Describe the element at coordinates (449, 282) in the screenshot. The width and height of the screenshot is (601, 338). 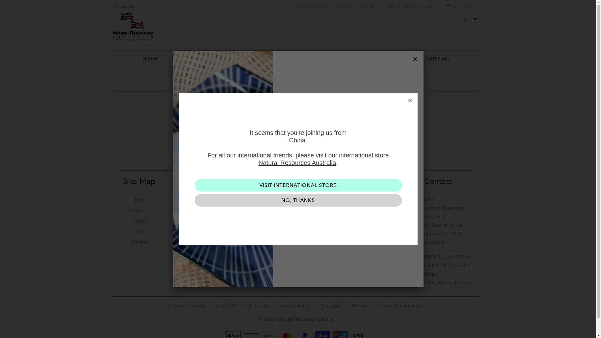
I see `'sales@nrasoap.com.au'` at that location.